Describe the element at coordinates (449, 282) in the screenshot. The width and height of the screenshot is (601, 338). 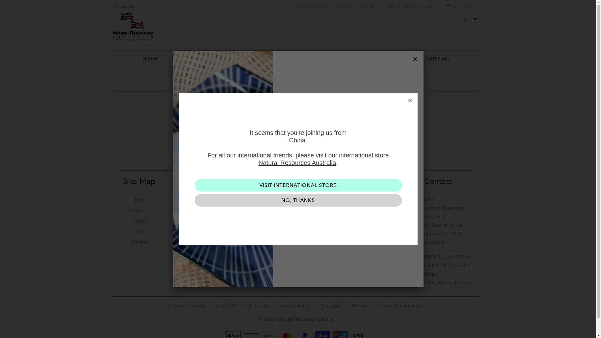
I see `'sales@nrasoap.com.au'` at that location.